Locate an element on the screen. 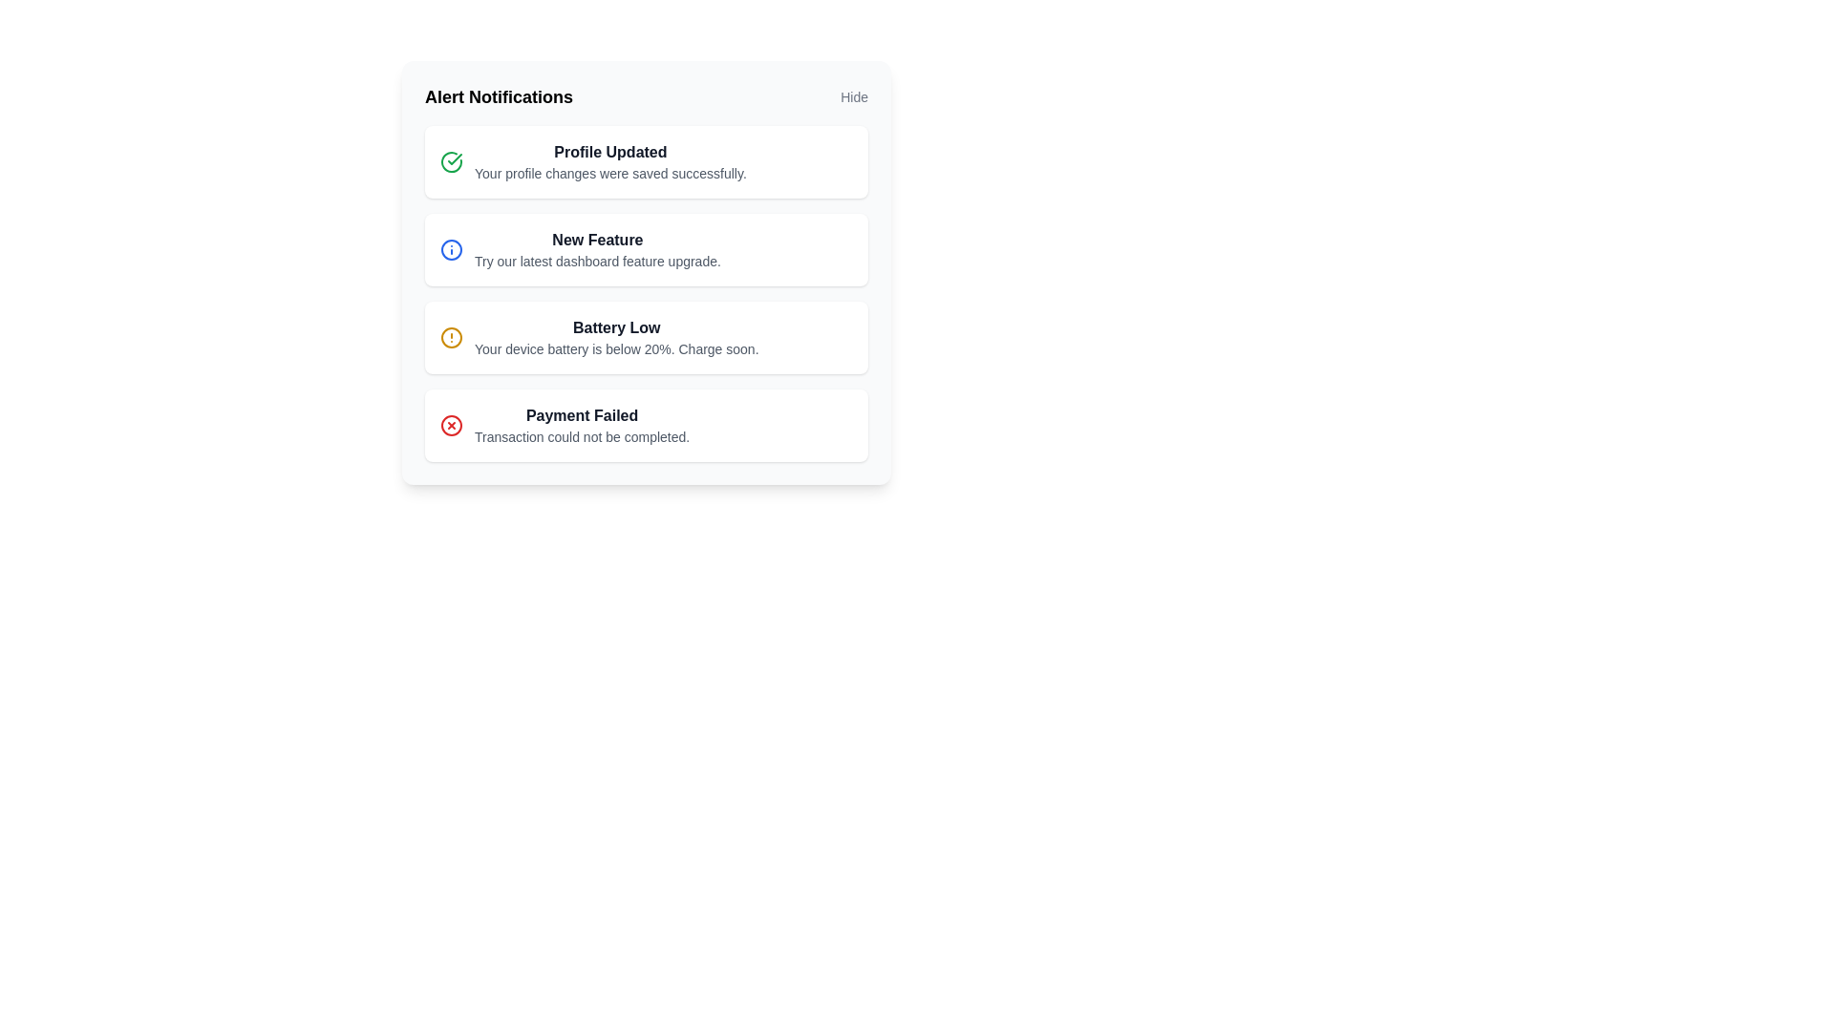 Image resolution: width=1834 pixels, height=1031 pixels. the notification message displaying 'Payment Failed' and 'Transaction could not be completed.' is located at coordinates (581, 425).